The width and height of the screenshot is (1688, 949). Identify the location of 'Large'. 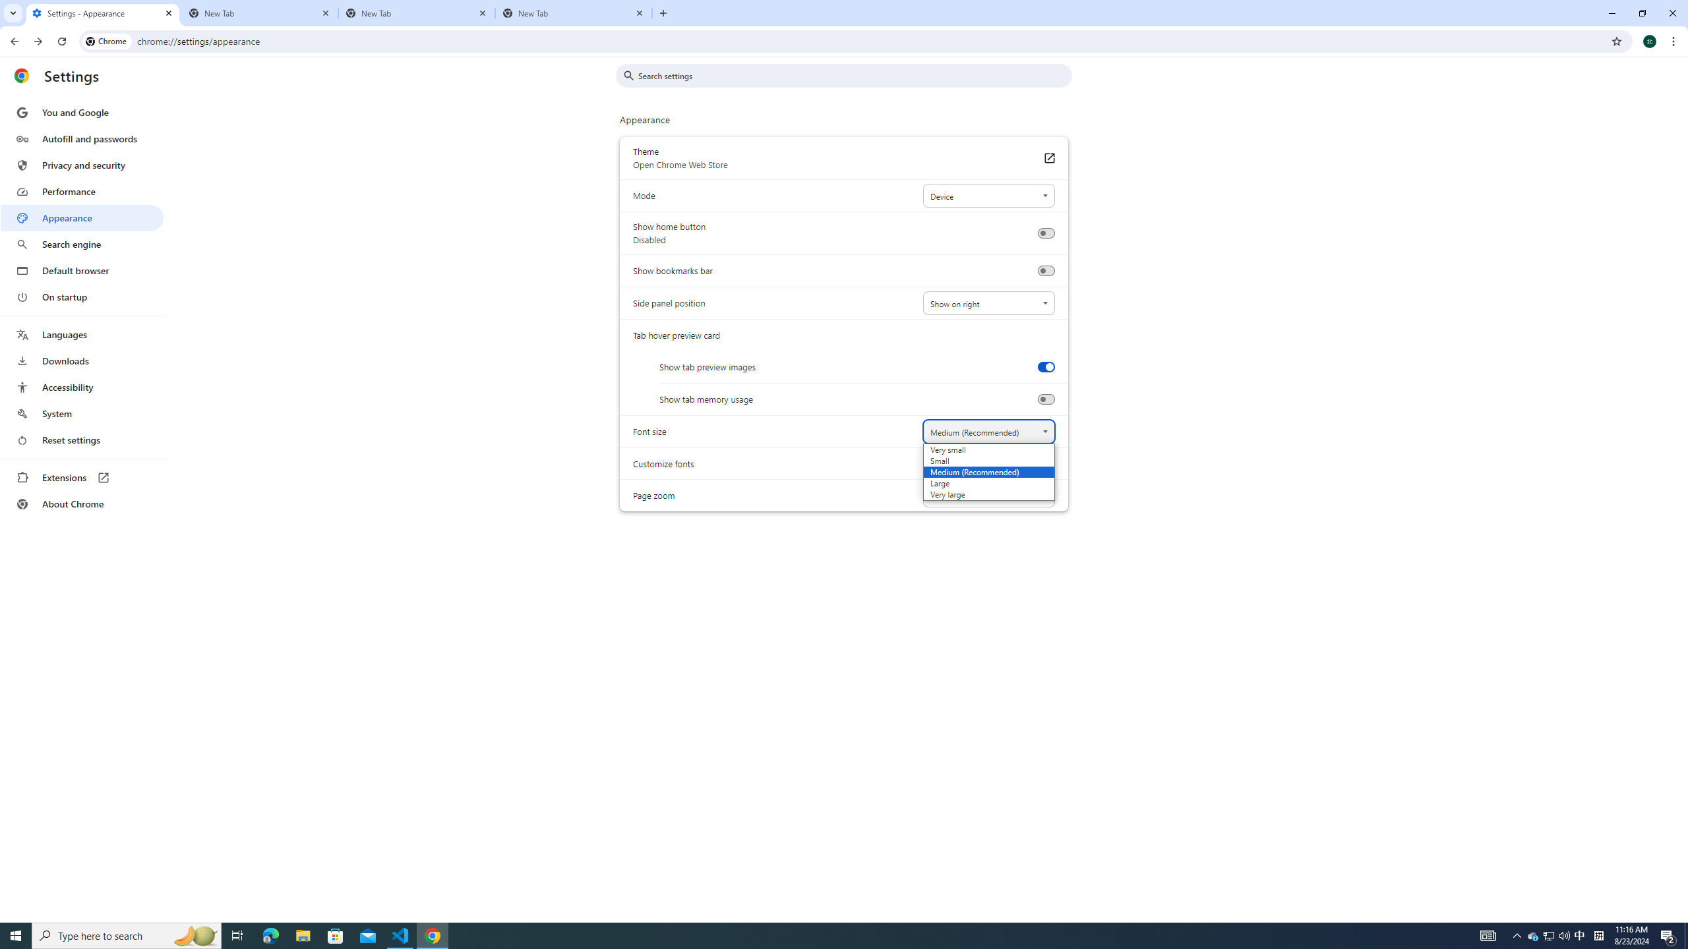
(971, 482).